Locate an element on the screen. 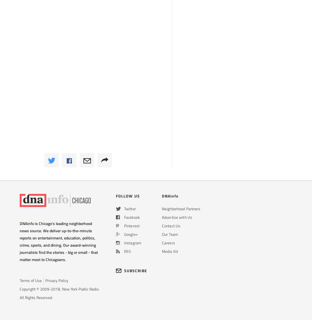 Image resolution: width=312 pixels, height=320 pixels. 'Instagram' is located at coordinates (132, 243).